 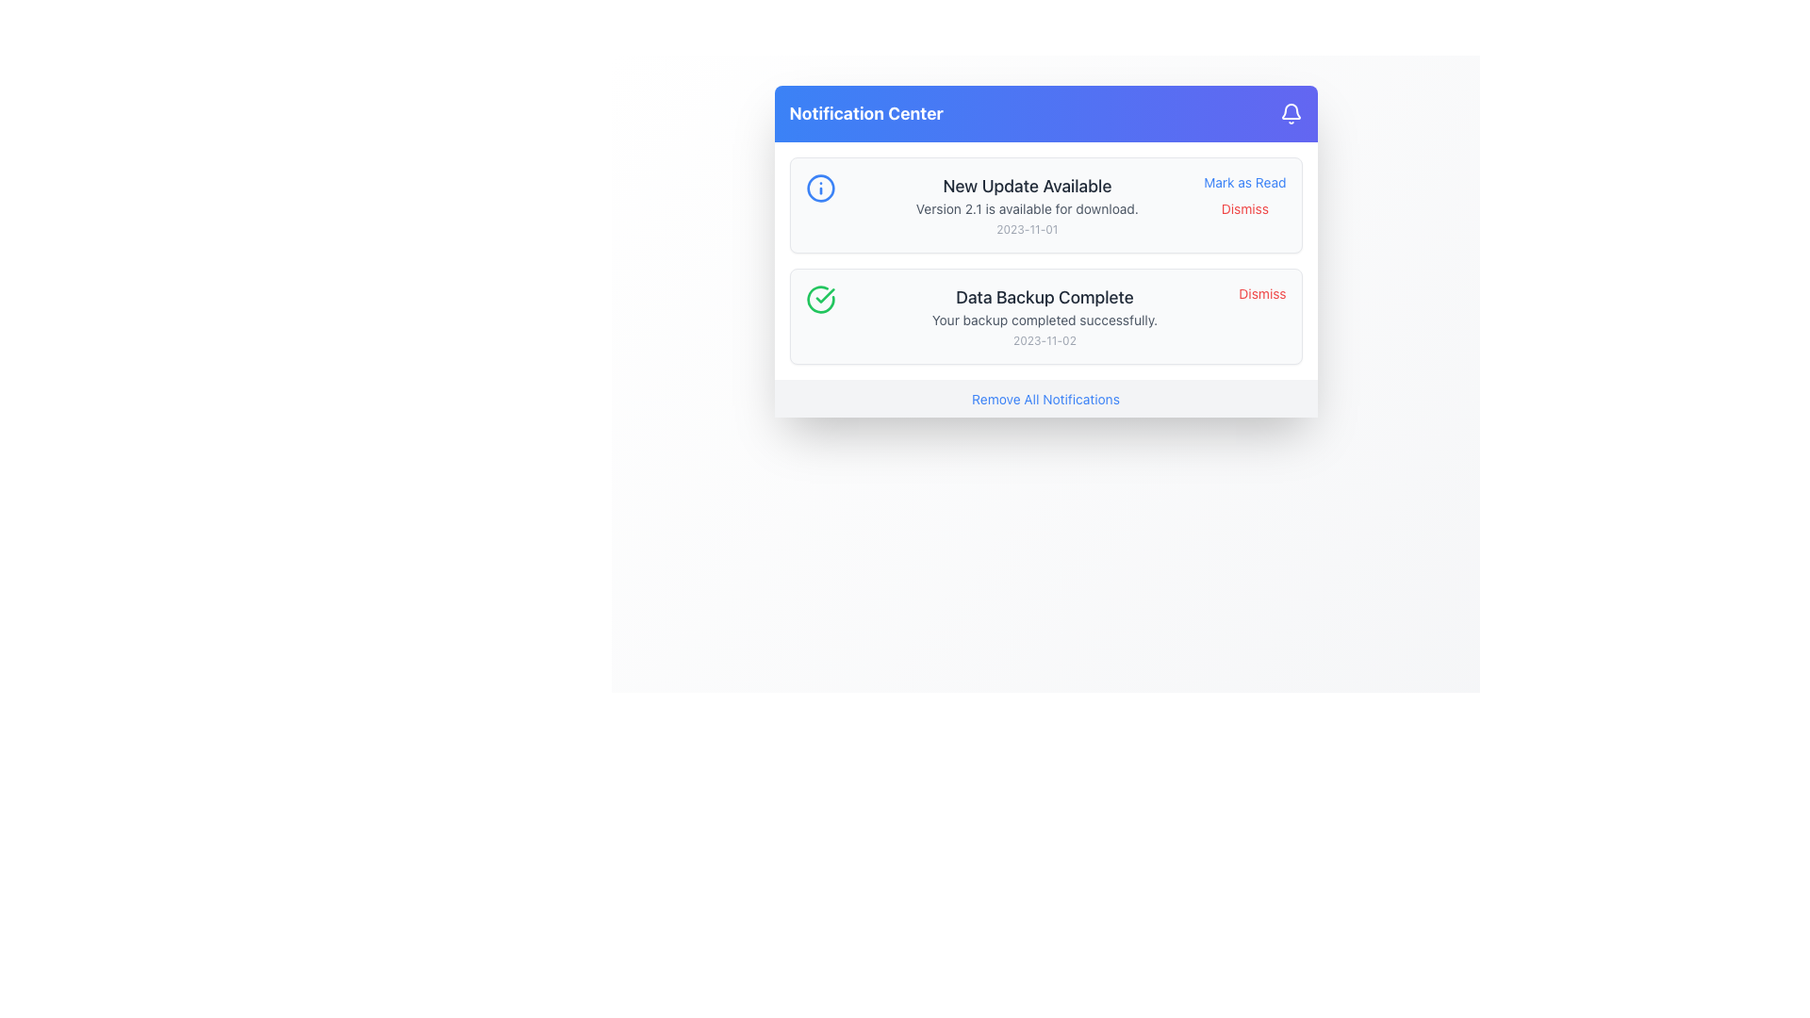 I want to click on textual notification indicating successful data backup with the title 'Data Backup Complete' and the message 'Your backup completed successfully.', so click(x=1044, y=315).